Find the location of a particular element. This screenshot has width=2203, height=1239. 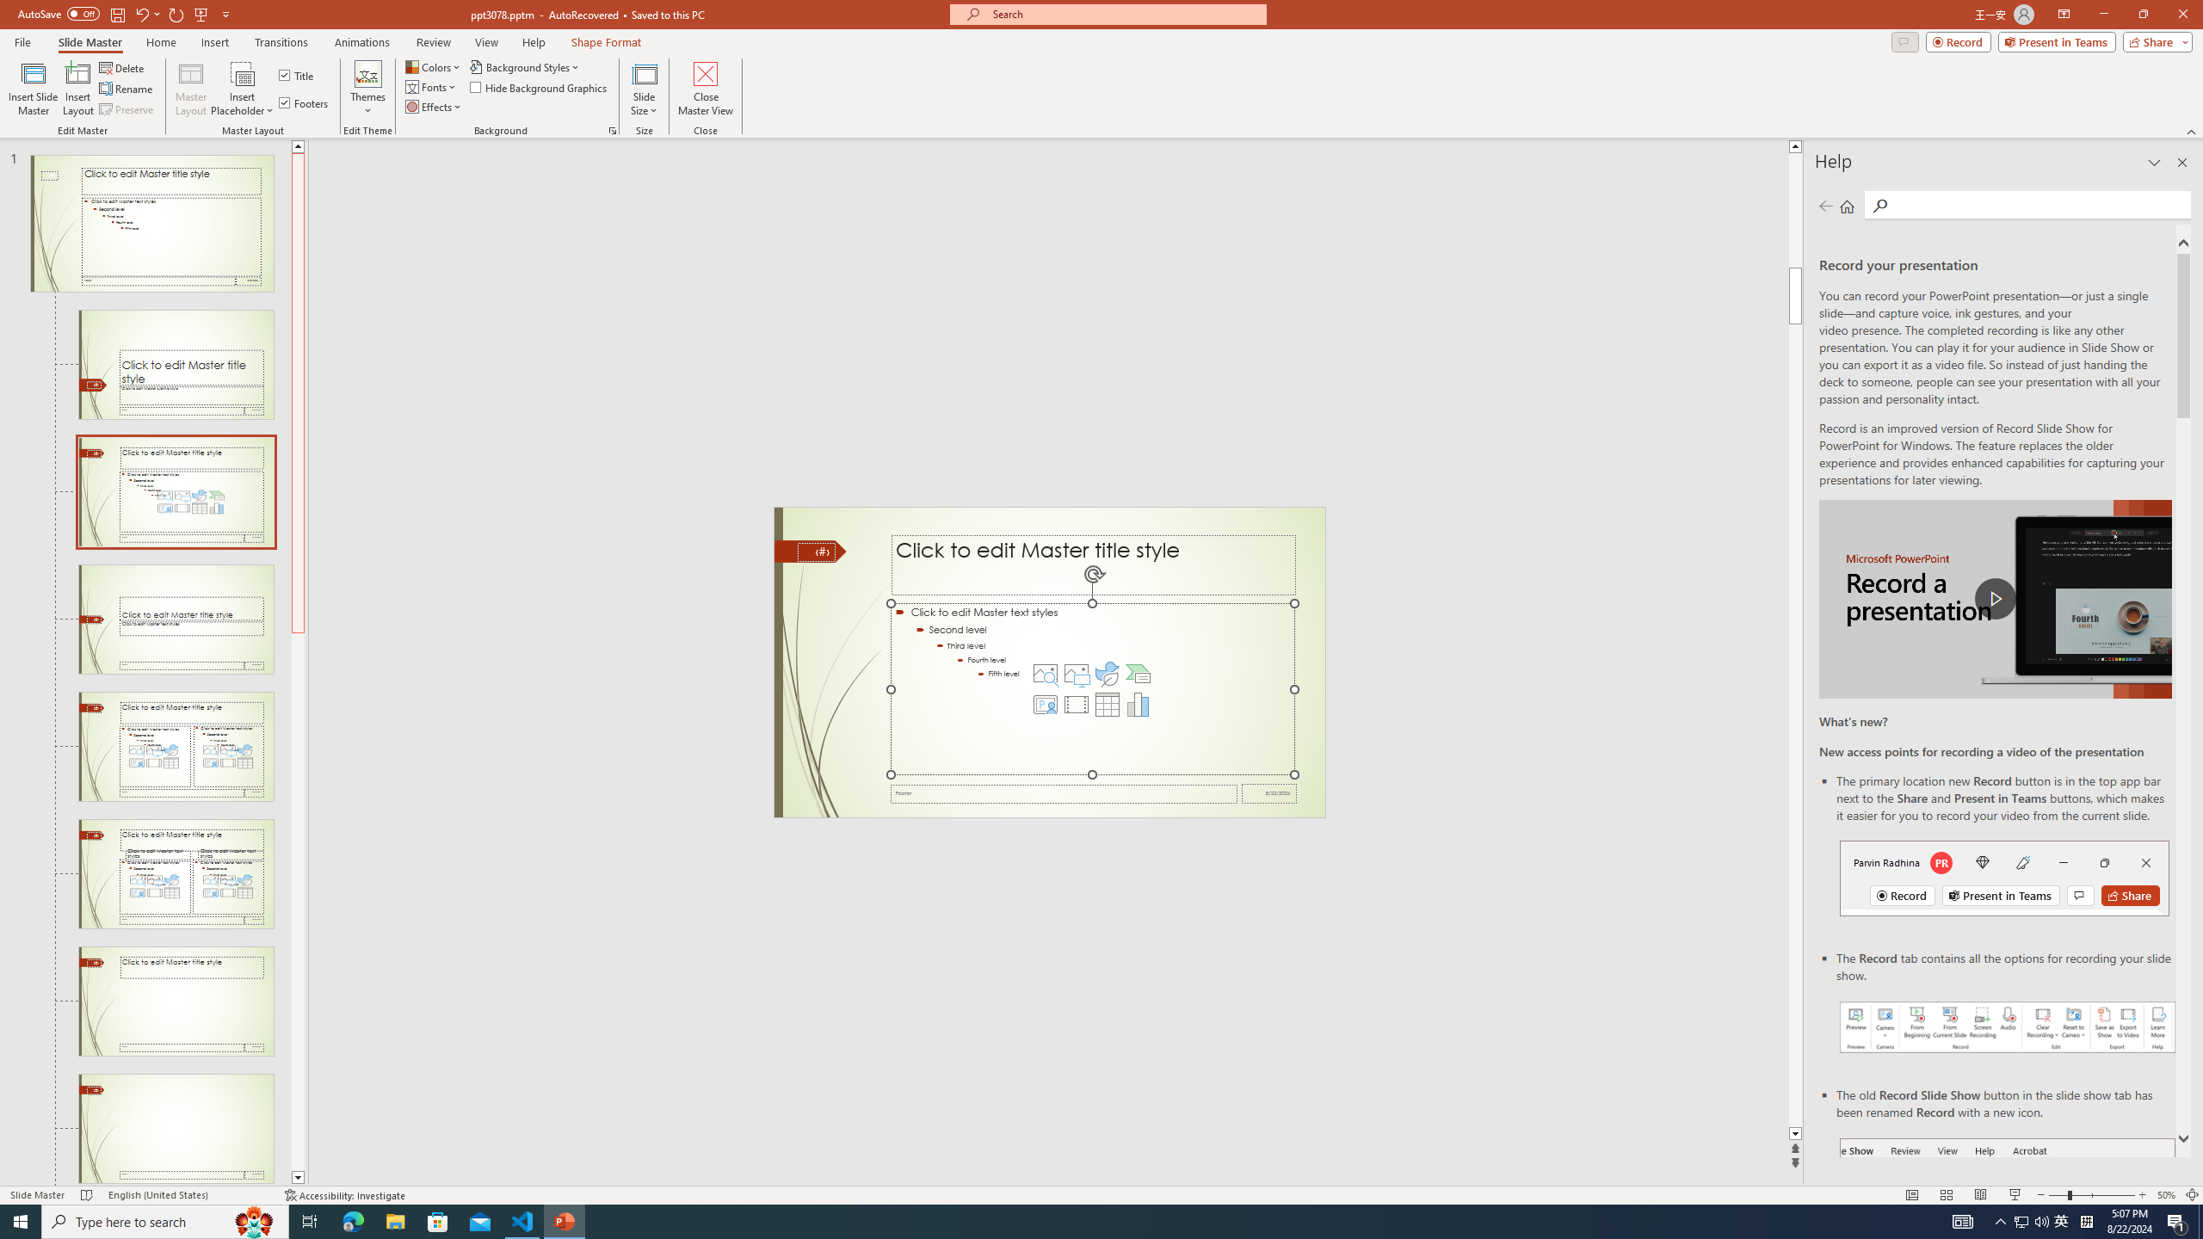

'Slide Size' is located at coordinates (643, 89).